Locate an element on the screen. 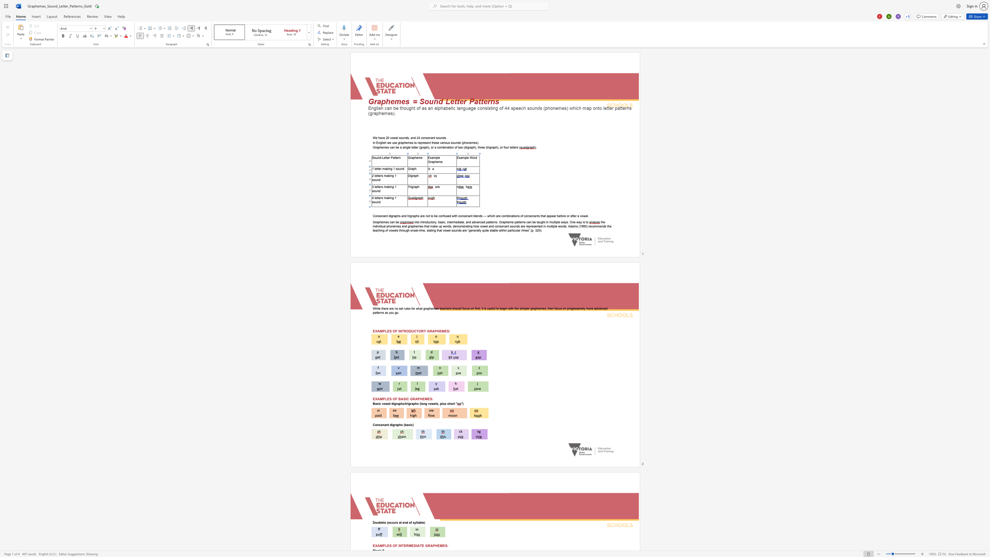  the 9th character "a" in the text is located at coordinates (535, 216).